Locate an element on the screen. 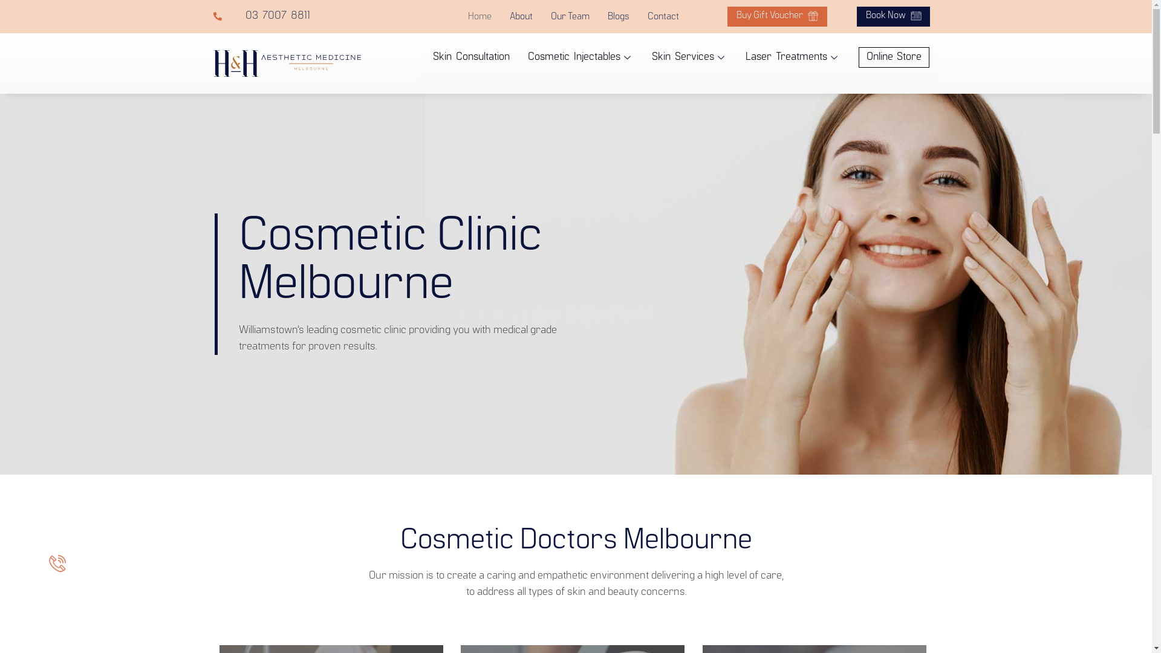  'Online Store' is located at coordinates (894, 57).